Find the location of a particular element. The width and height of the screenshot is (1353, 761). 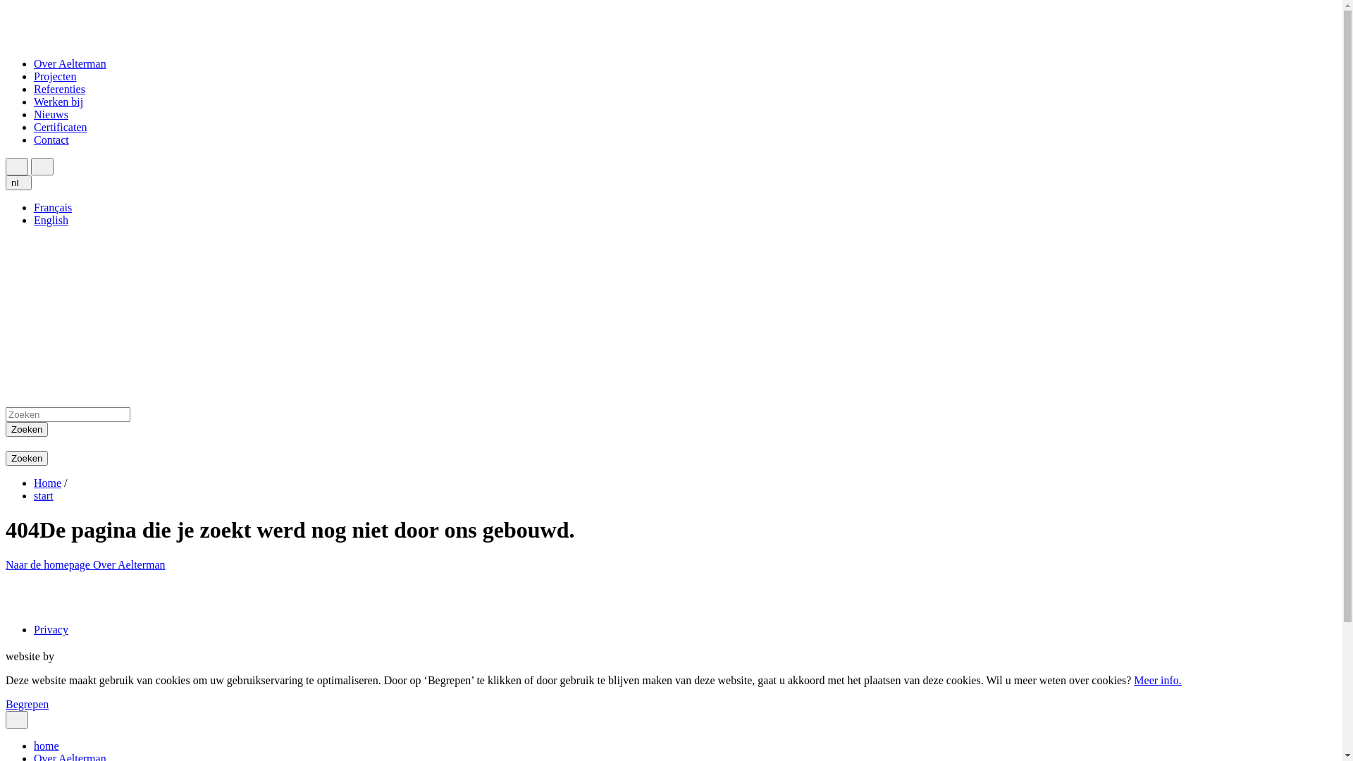

'Begrepen' is located at coordinates (27, 704).